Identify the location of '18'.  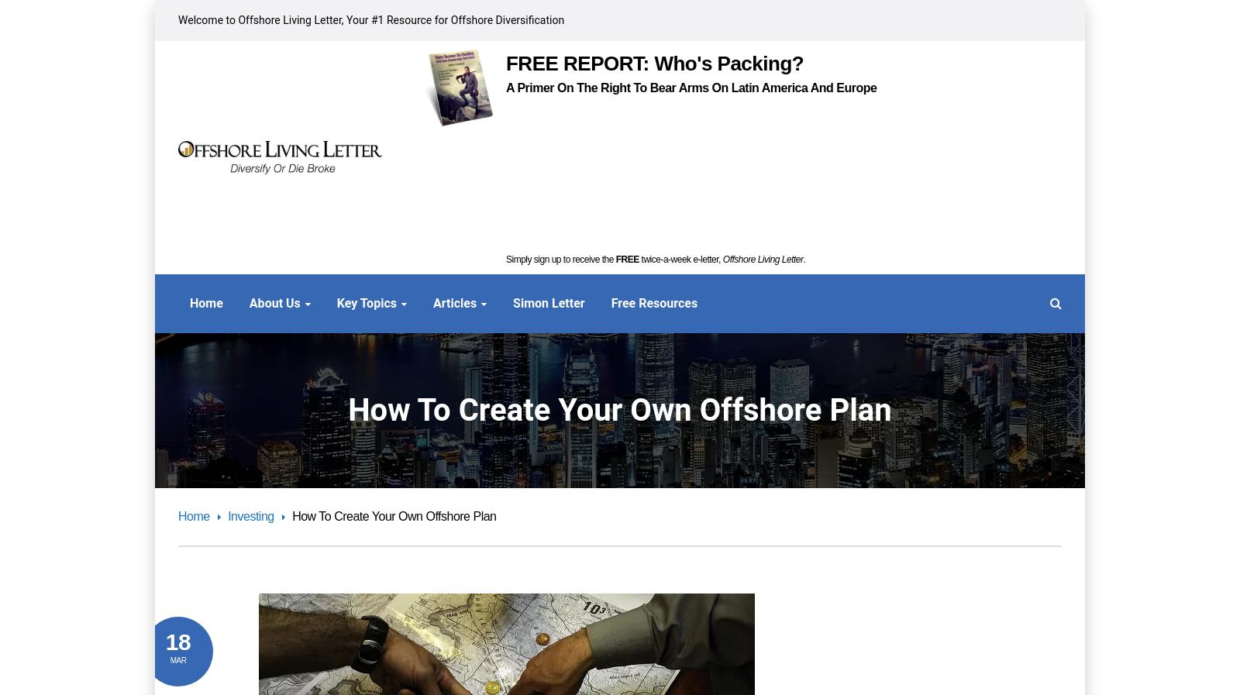
(177, 642).